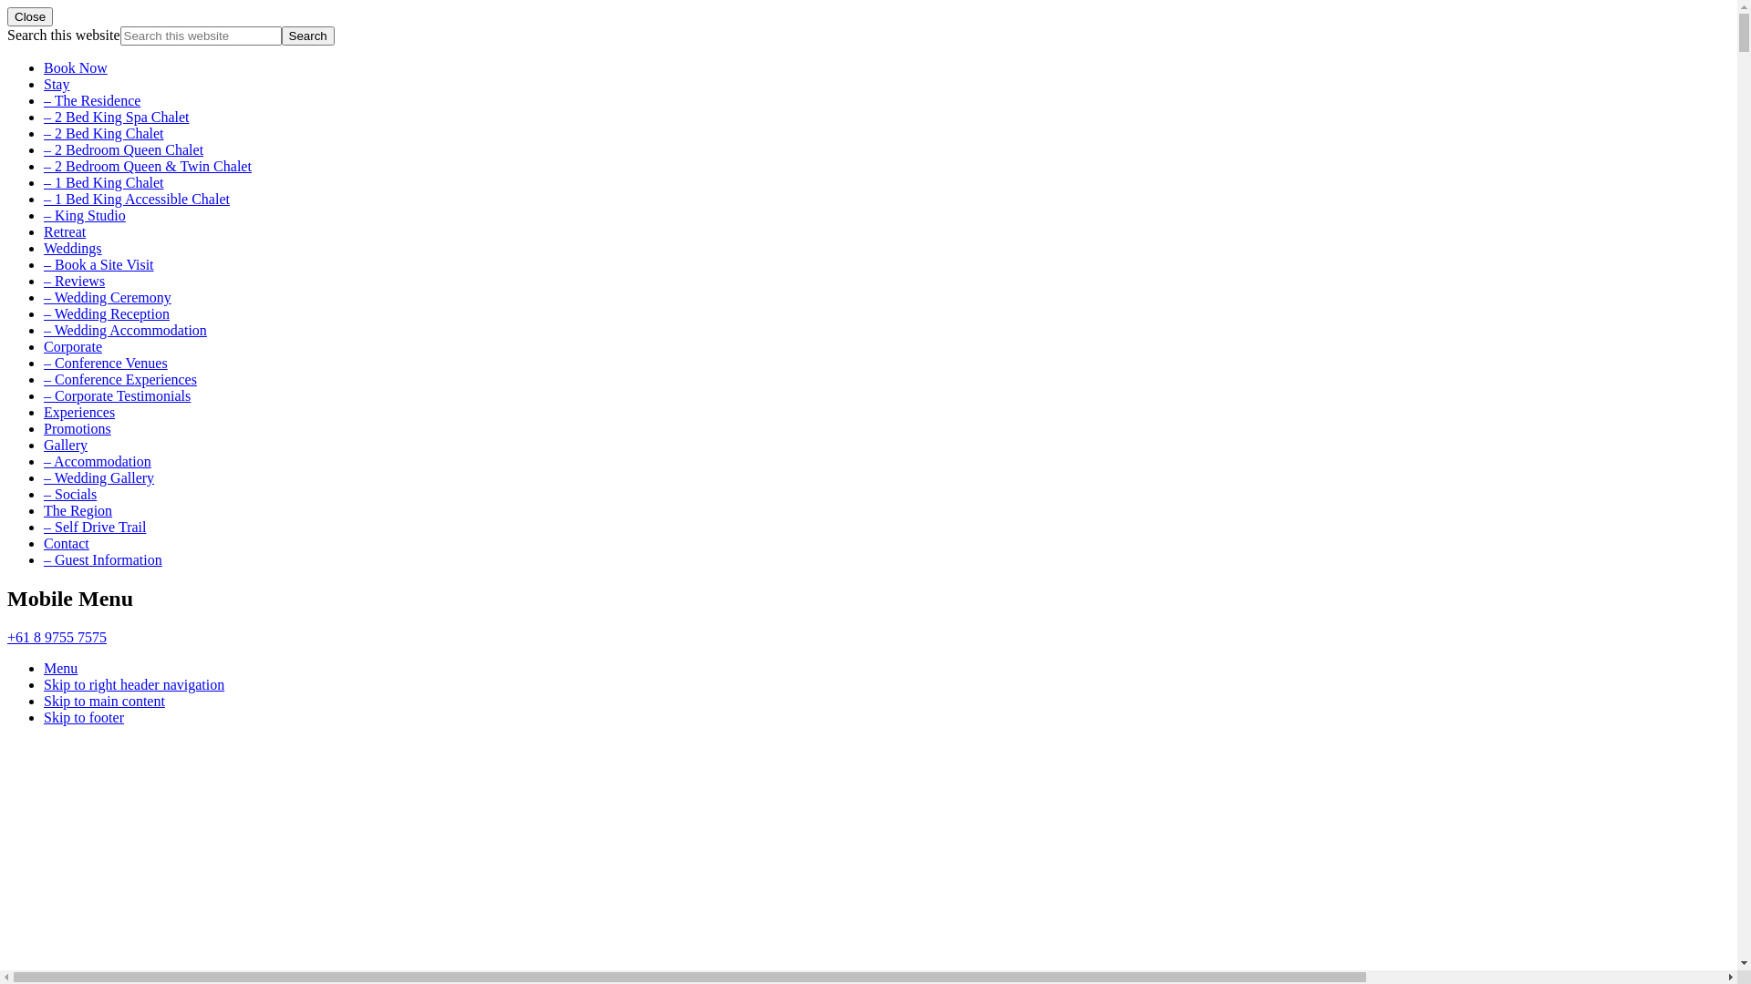  I want to click on 'Gallery', so click(44, 445).